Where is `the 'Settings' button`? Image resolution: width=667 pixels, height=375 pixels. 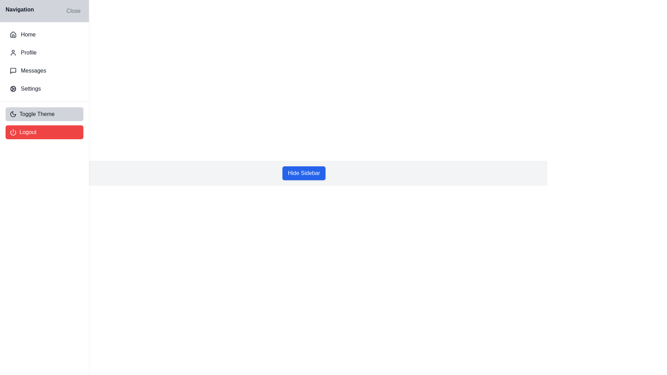 the 'Settings' button is located at coordinates (44, 88).